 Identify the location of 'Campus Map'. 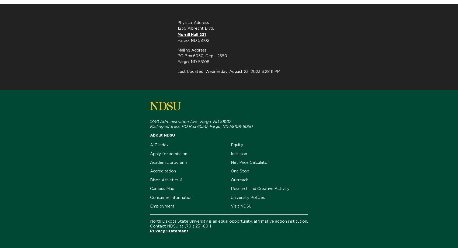
(162, 188).